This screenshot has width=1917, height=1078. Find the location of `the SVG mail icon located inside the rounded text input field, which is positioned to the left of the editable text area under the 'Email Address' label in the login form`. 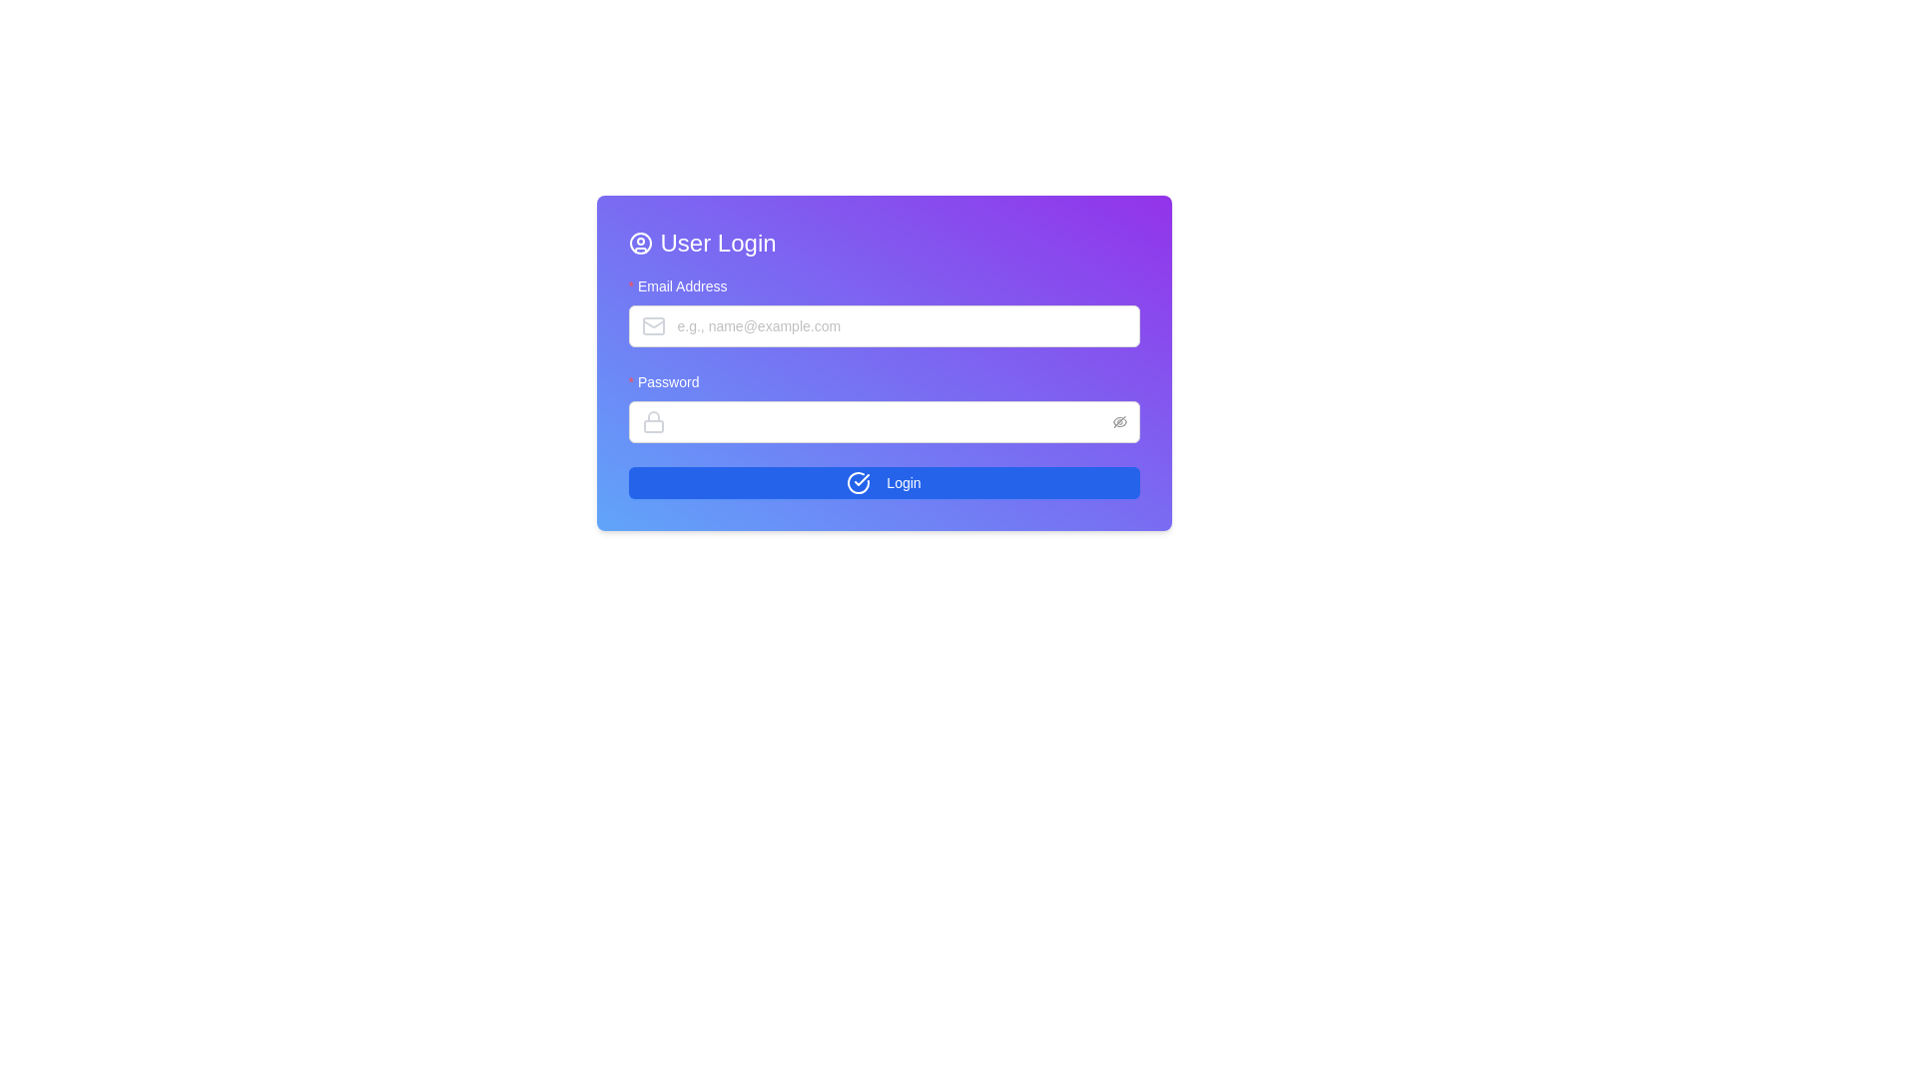

the SVG mail icon located inside the rounded text input field, which is positioned to the left of the editable text area under the 'Email Address' label in the login form is located at coordinates (657, 325).